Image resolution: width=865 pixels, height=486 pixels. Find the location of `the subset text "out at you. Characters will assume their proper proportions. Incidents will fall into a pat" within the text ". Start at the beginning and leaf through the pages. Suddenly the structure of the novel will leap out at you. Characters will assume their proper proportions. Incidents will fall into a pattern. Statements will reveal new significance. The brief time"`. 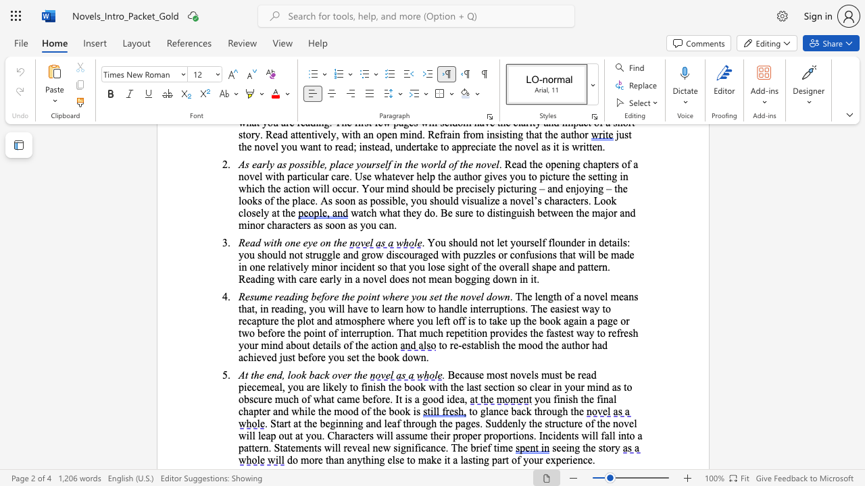

the subset text "out at you. Characters will assume their proper proportions. Incidents will fall into a pat" within the text ". Start at the beginning and leaf through the pages. Suddenly the structure of the novel will leap out at you. Characters will assume their proper proportions. Incidents will fall into a pattern. Statements will reveal new significance. The brief time" is located at coordinates (278, 435).